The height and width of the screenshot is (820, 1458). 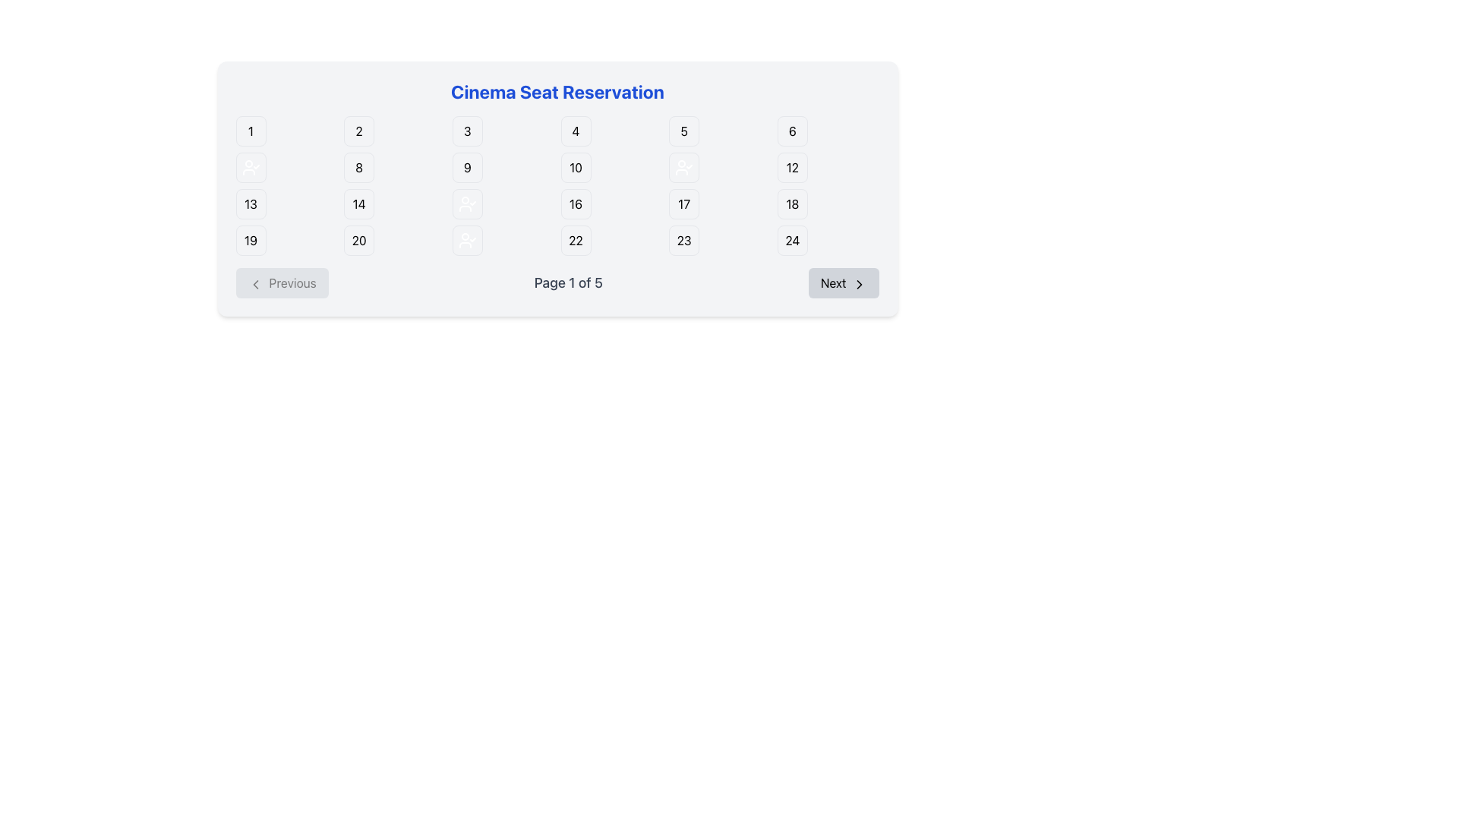 What do you see at coordinates (575, 167) in the screenshot?
I see `the selectable seat button representing seat number 10 in the cinema seat reservation system` at bounding box center [575, 167].